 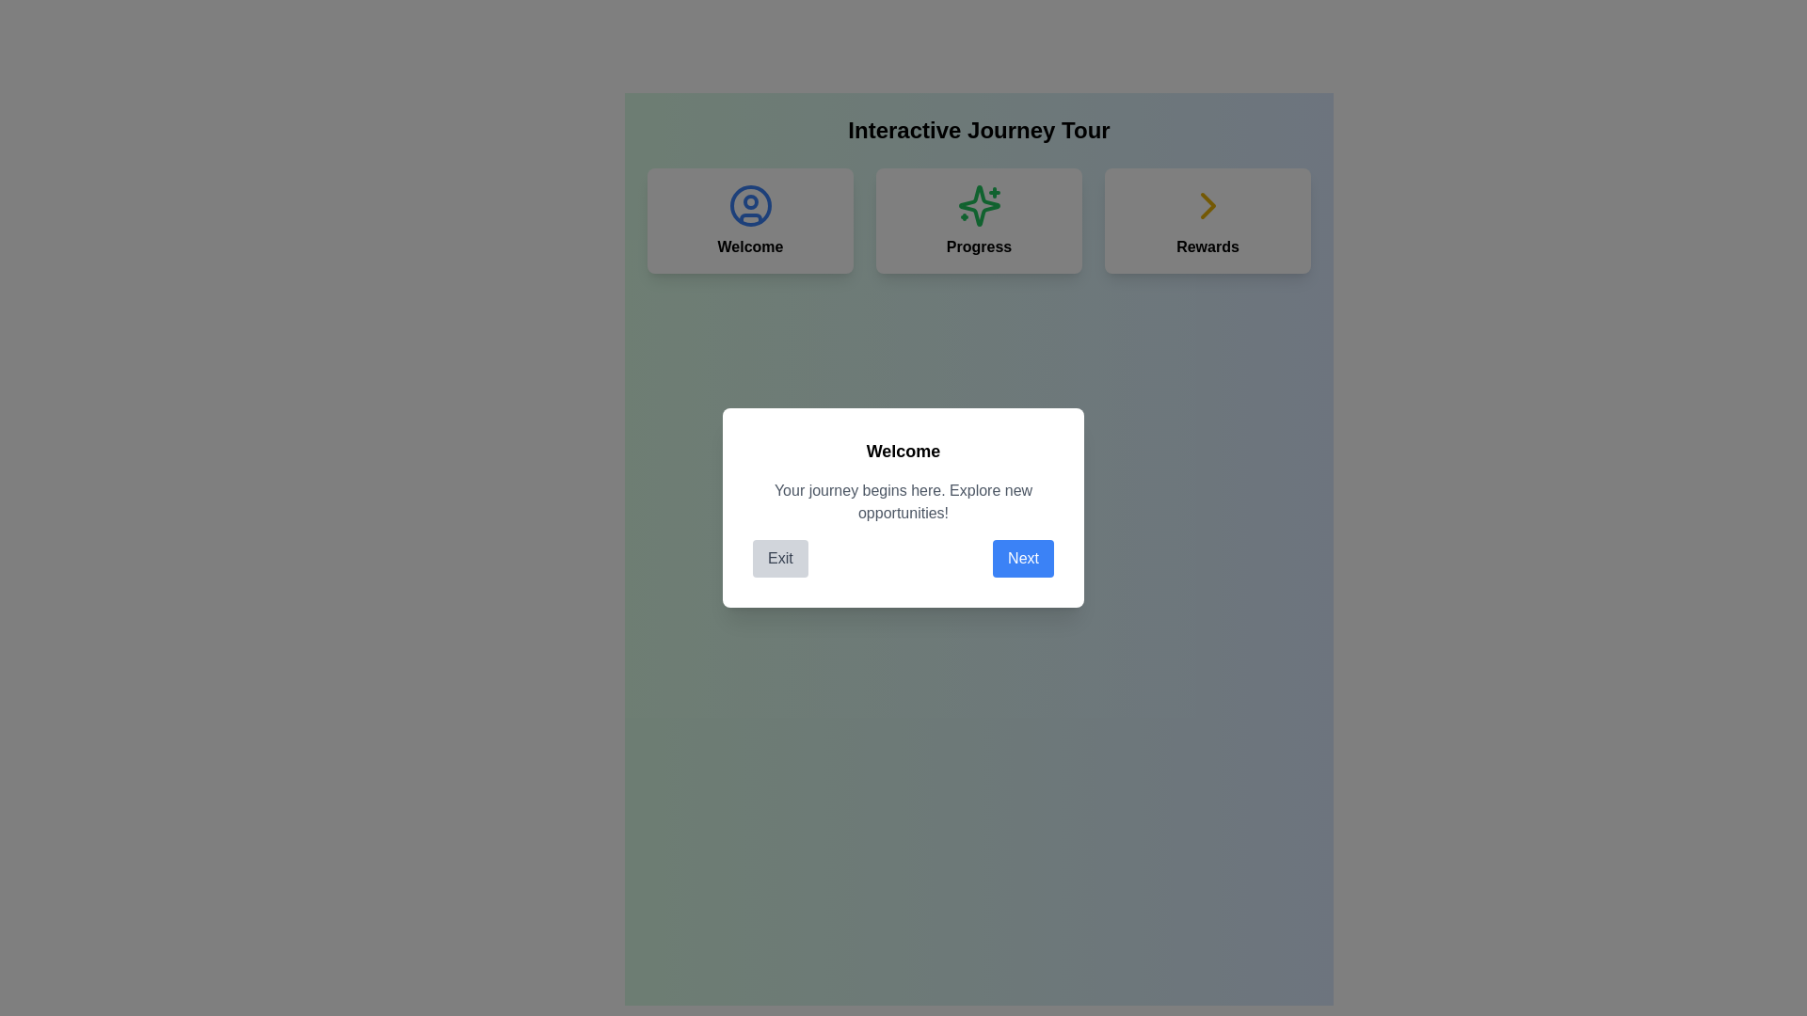 What do you see at coordinates (903, 500) in the screenshot?
I see `the motivational informational text that is positioned below the title 'Welcome' and above the buttons 'Exit' and 'Next'` at bounding box center [903, 500].